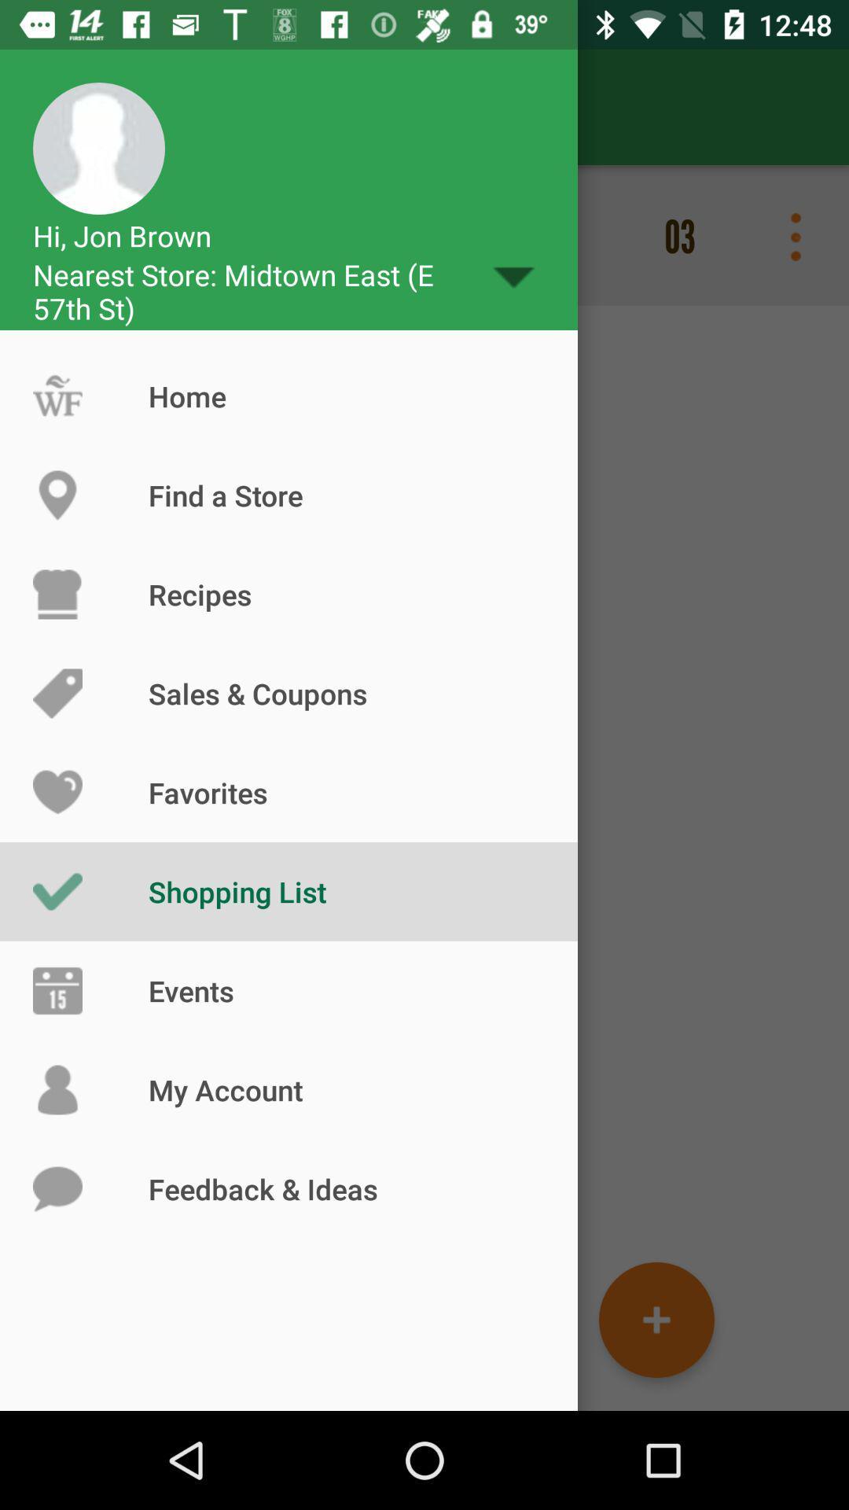  I want to click on the down arrow  beside number 03, so click(513, 278).